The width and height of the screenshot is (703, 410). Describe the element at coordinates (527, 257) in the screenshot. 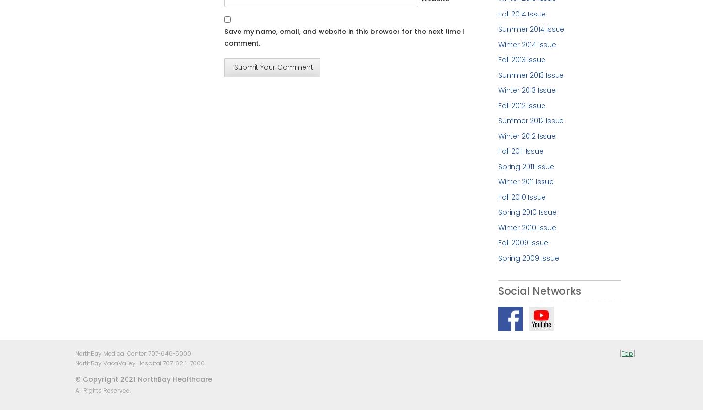

I see `'Spring 2009 Issue'` at that location.